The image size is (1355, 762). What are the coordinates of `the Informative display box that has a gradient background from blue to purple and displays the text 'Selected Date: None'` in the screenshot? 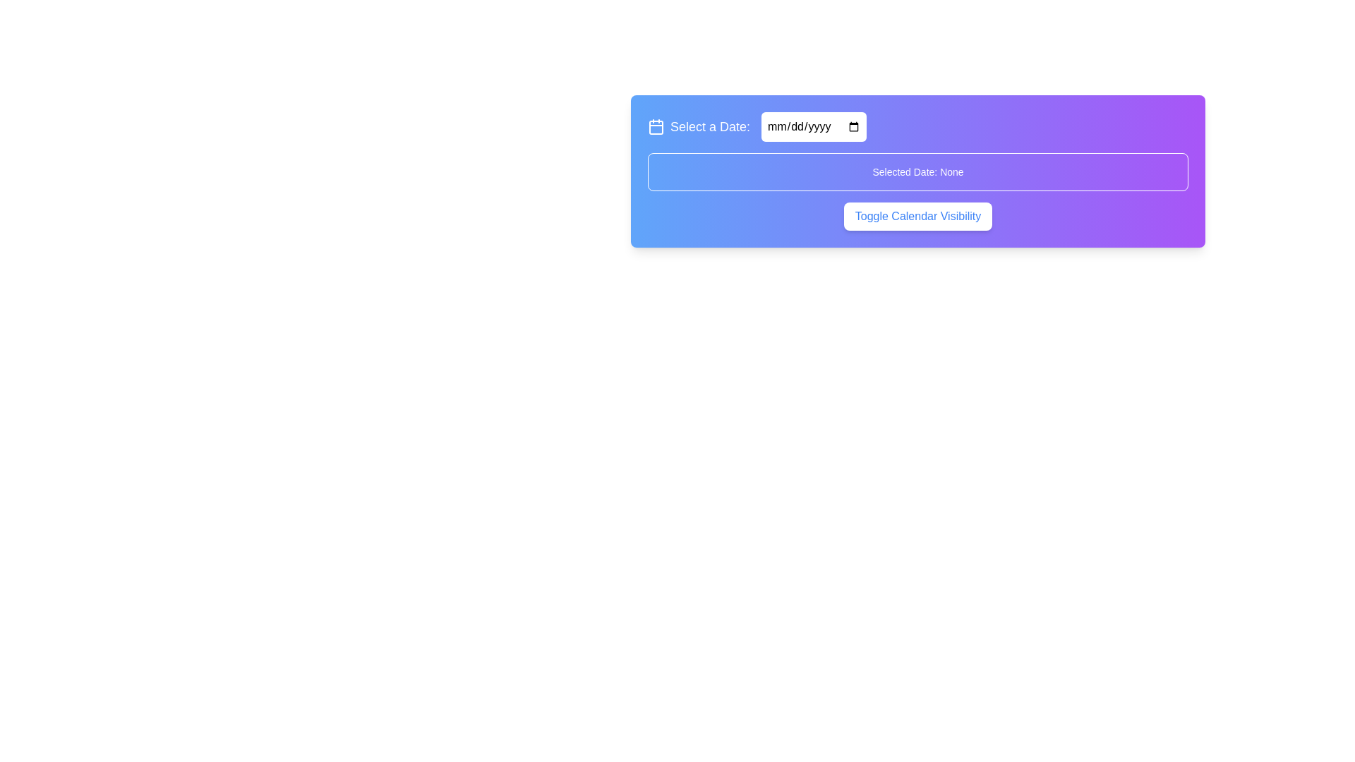 It's located at (917, 171).